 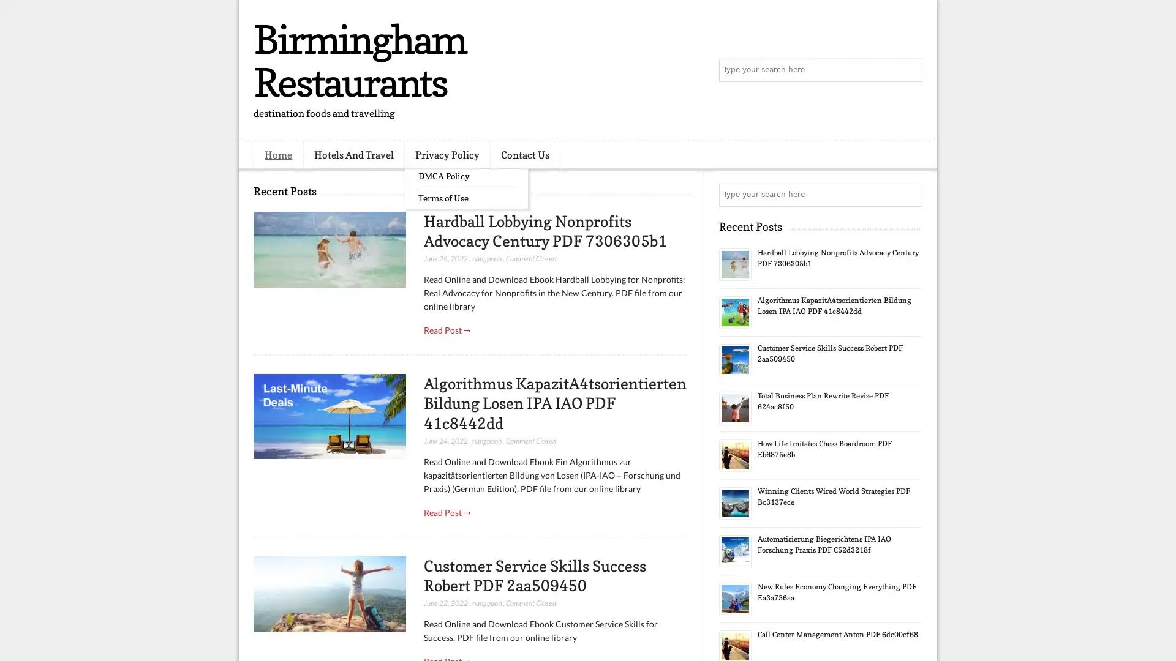 What do you see at coordinates (910, 195) in the screenshot?
I see `Search` at bounding box center [910, 195].